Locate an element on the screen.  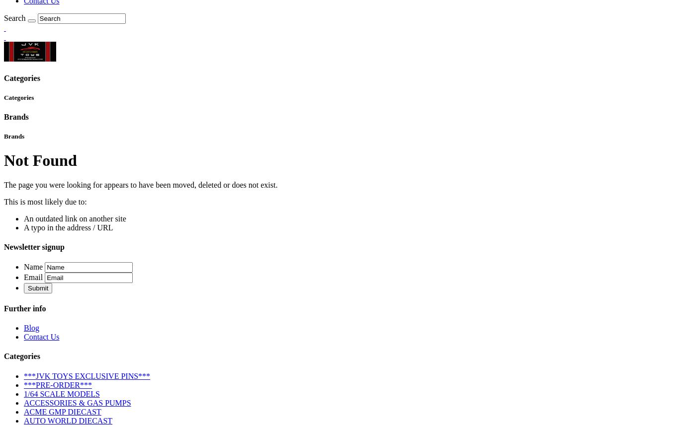
'ACME GMP DIECAST' is located at coordinates (62, 411).